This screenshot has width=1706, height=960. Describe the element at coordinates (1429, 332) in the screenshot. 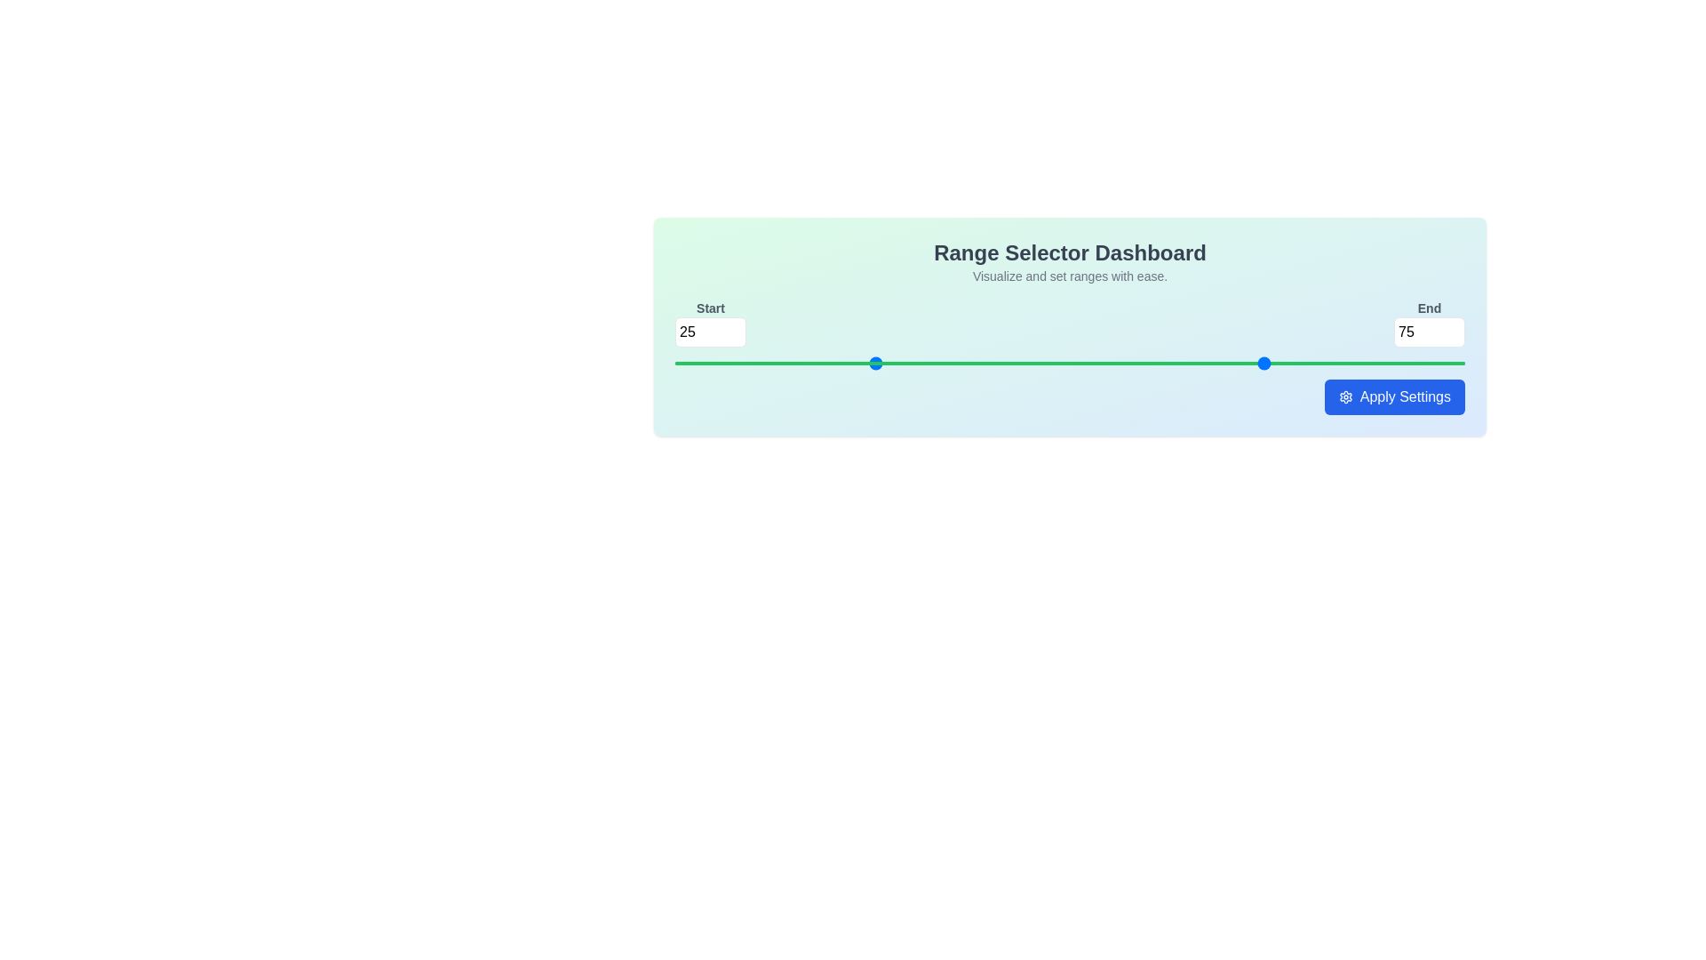

I see `the editable number input field displaying '75', located` at that location.